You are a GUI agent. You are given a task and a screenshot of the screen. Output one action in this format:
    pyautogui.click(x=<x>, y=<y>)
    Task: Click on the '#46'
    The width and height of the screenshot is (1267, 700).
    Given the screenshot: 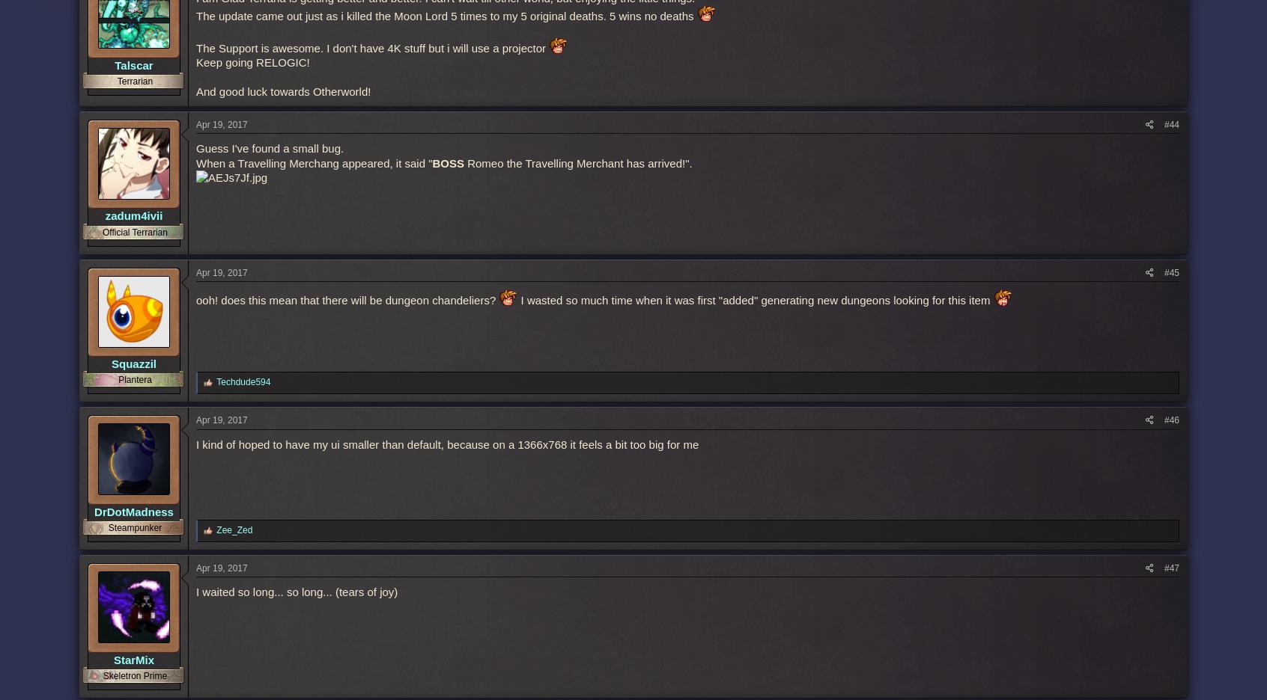 What is the action you would take?
    pyautogui.click(x=1170, y=419)
    